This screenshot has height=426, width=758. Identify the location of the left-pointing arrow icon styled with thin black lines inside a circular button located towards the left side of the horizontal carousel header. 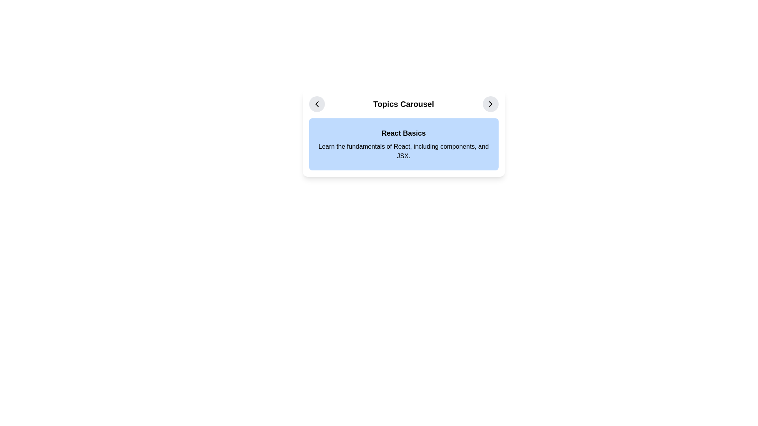
(317, 103).